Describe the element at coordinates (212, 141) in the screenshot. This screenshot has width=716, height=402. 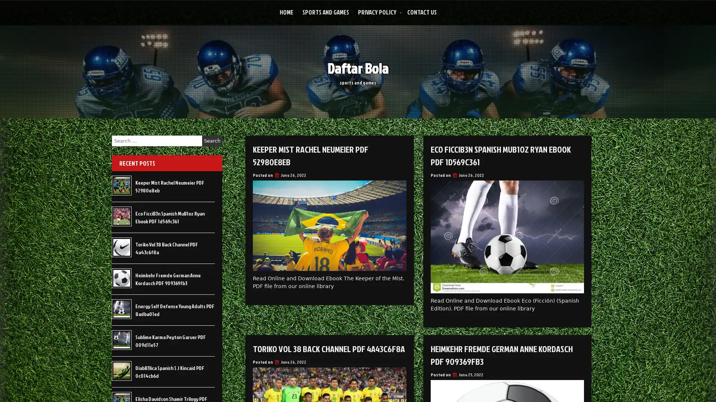
I see `Search` at that location.